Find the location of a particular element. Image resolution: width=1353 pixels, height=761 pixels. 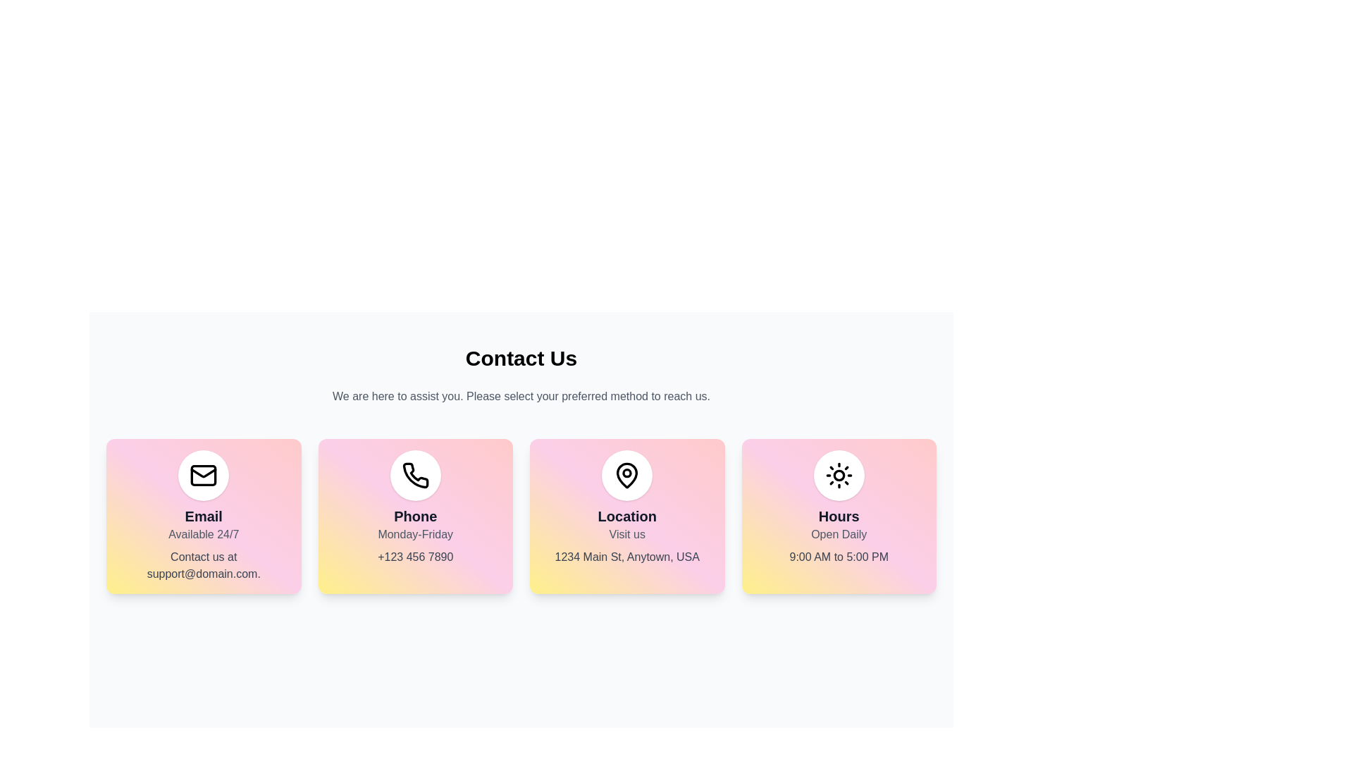

the small circular decorative graphic element located at the center of the pin icon within the 'Location' card is located at coordinates (626, 473).